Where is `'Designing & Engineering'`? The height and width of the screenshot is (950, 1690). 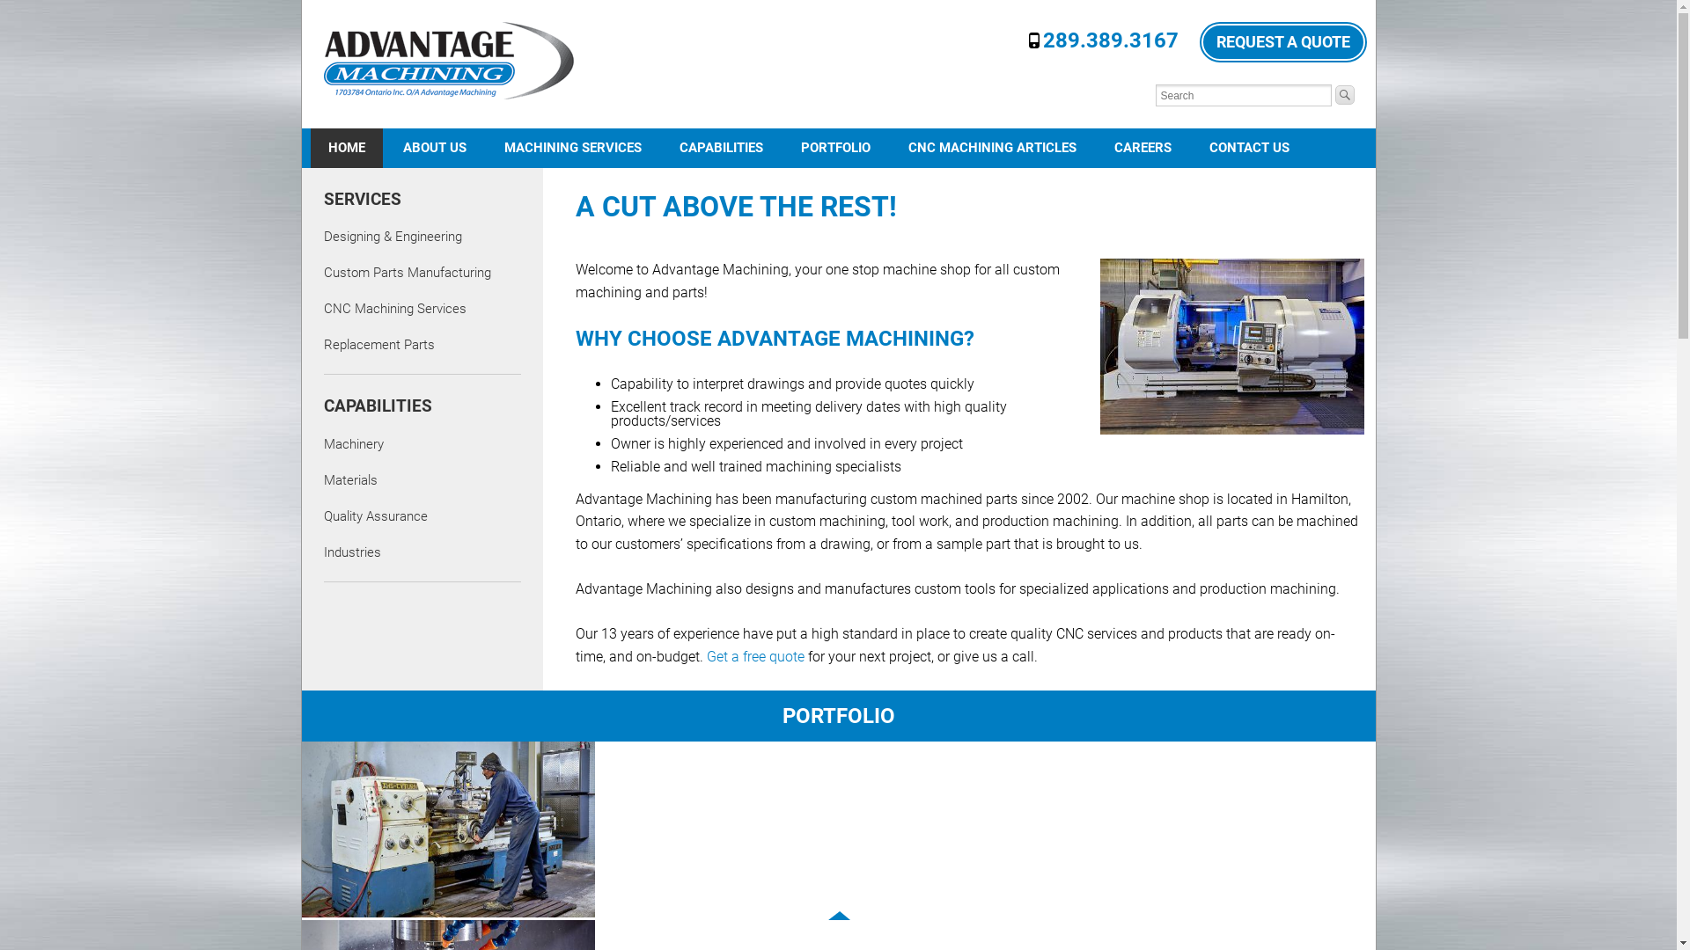
'Designing & Engineering' is located at coordinates (392, 236).